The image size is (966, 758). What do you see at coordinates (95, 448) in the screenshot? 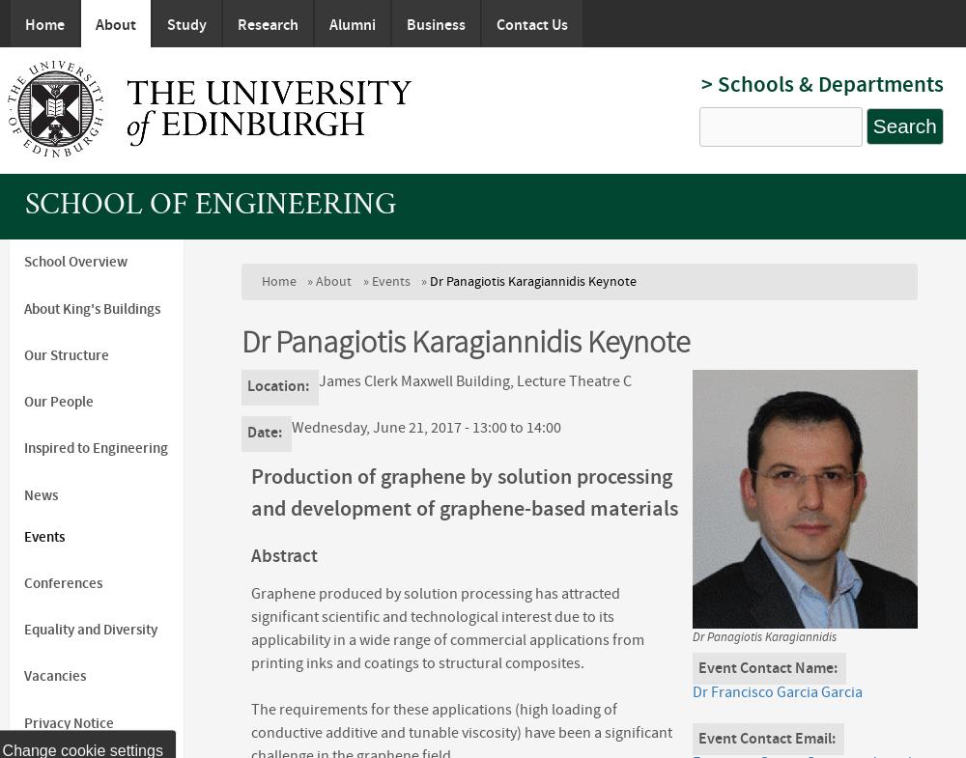
I see `'Inspired to Engineering'` at bounding box center [95, 448].